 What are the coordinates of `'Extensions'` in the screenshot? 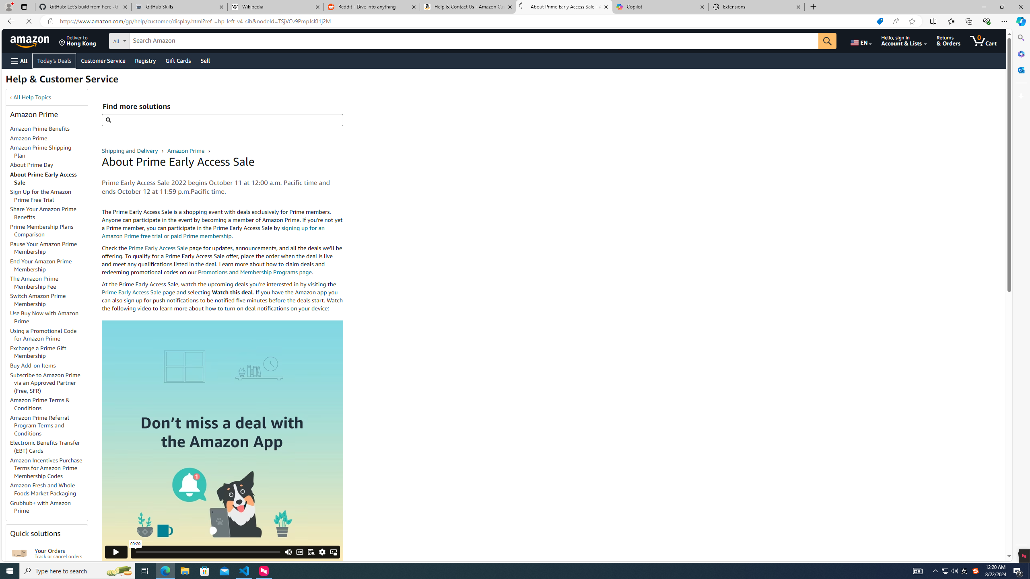 It's located at (756, 6).